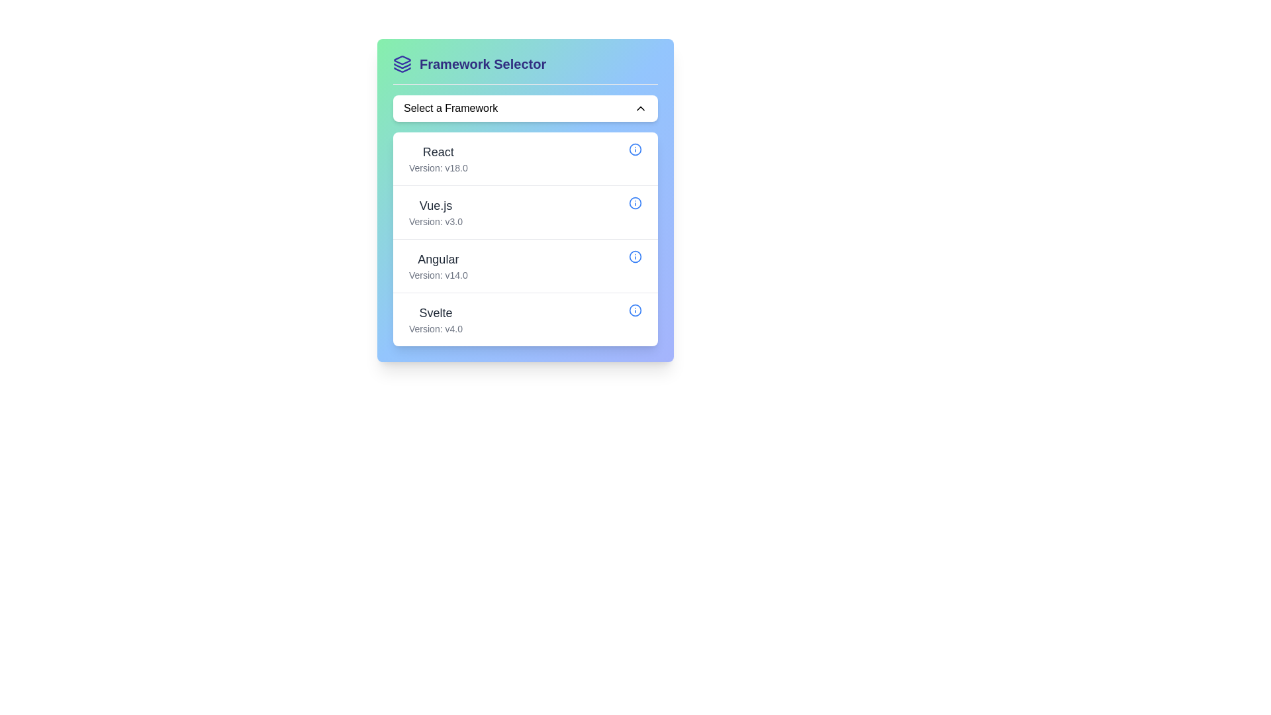 The image size is (1271, 715). What do you see at coordinates (524, 211) in the screenshot?
I see `the List item representing the Vue.js framework (v3.0)` at bounding box center [524, 211].